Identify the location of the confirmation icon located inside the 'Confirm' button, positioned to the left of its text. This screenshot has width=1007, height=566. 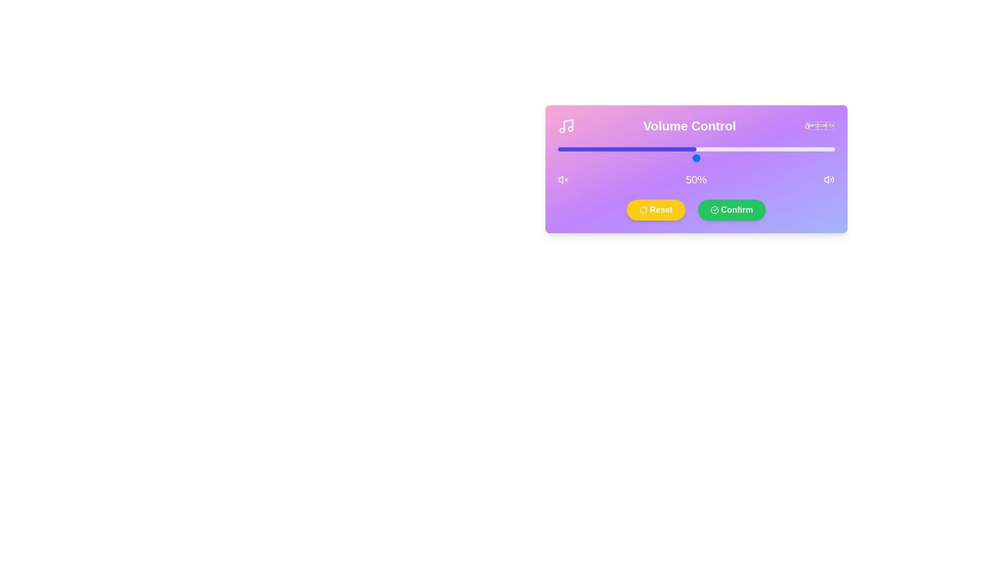
(714, 210).